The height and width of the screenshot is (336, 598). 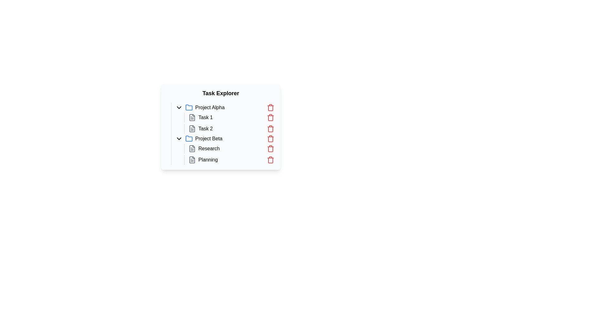 I want to click on the document icon representing 'Task 1' located in the Task Explorer interface near the top-left corner, so click(x=192, y=118).